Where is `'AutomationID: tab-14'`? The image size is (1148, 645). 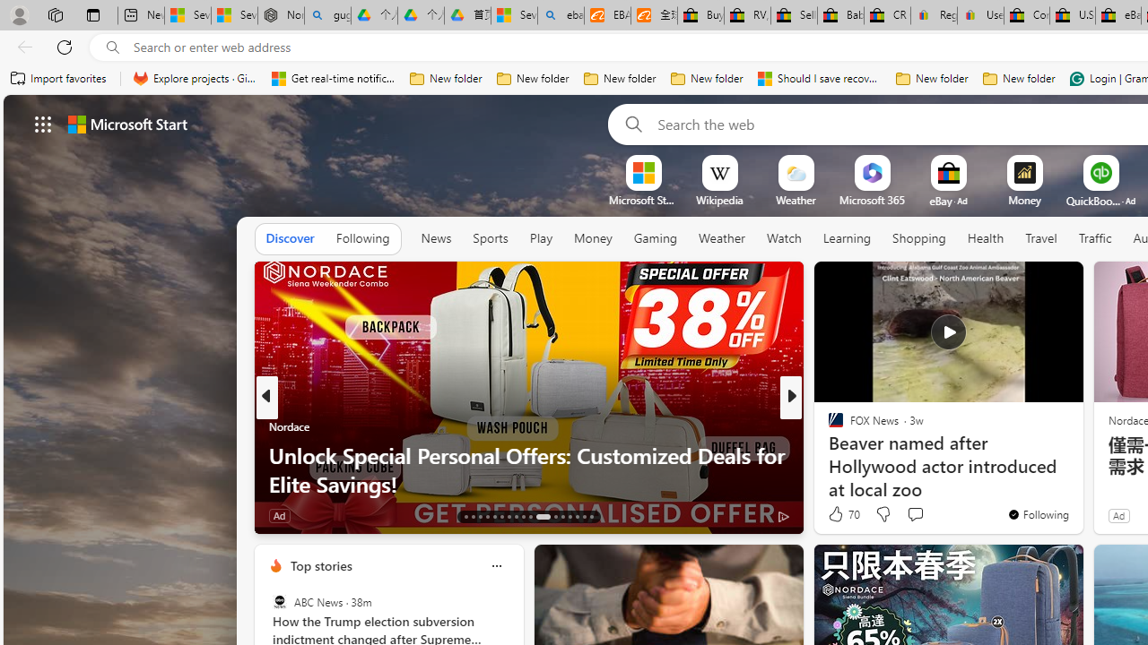 'AutomationID: tab-14' is located at coordinates (474, 517).